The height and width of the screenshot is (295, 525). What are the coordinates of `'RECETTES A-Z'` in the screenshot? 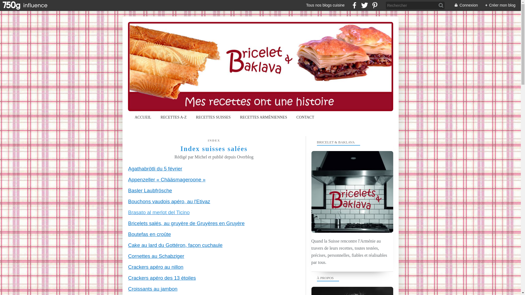 It's located at (173, 117).